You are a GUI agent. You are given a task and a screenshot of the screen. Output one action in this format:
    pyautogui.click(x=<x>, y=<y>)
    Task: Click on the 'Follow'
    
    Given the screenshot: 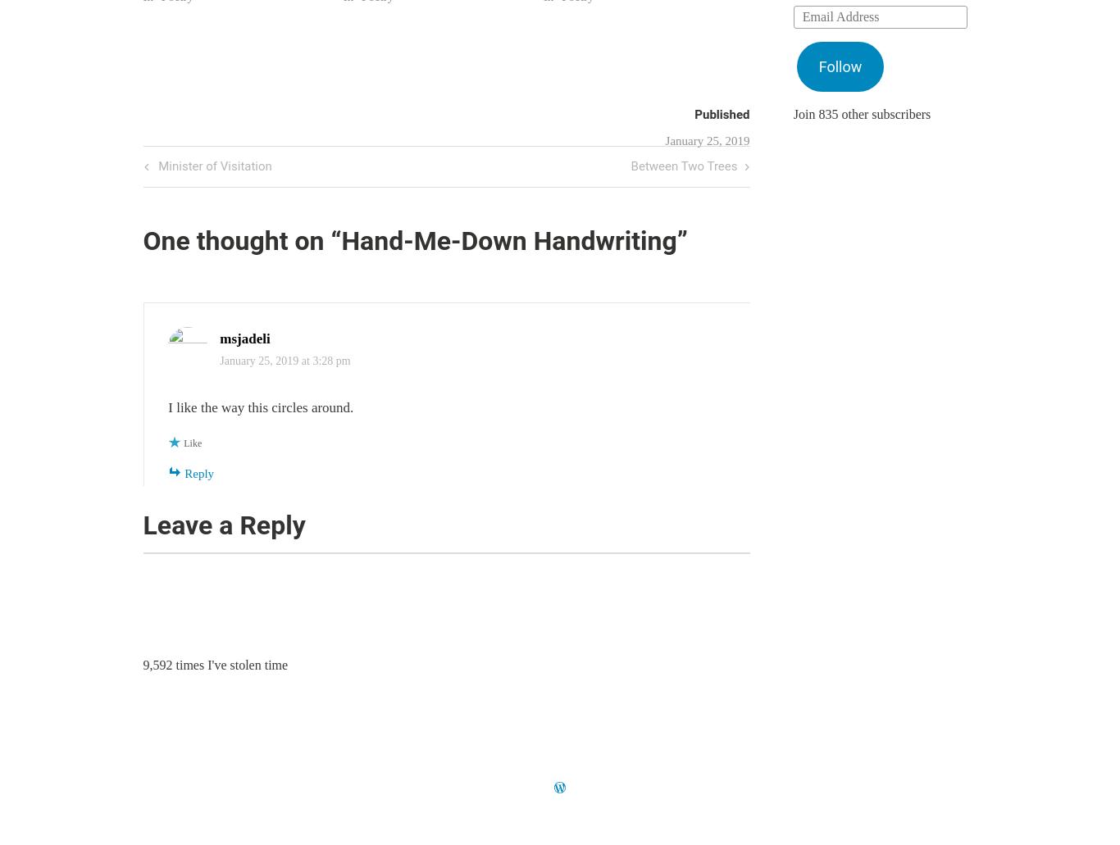 What is the action you would take?
    pyautogui.click(x=817, y=66)
    